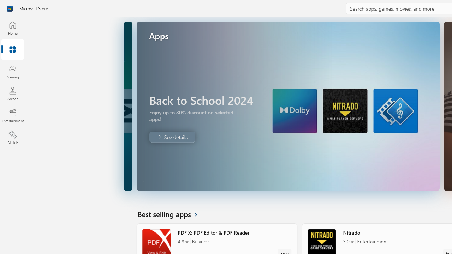 The width and height of the screenshot is (452, 254). What do you see at coordinates (12, 28) in the screenshot?
I see `'Home'` at bounding box center [12, 28].